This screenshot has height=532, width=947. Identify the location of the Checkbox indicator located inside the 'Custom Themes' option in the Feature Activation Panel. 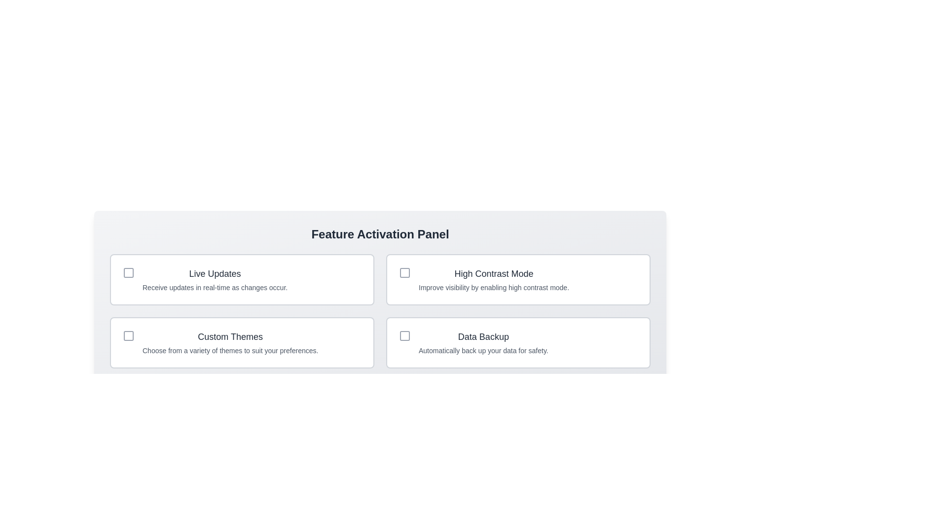
(128, 335).